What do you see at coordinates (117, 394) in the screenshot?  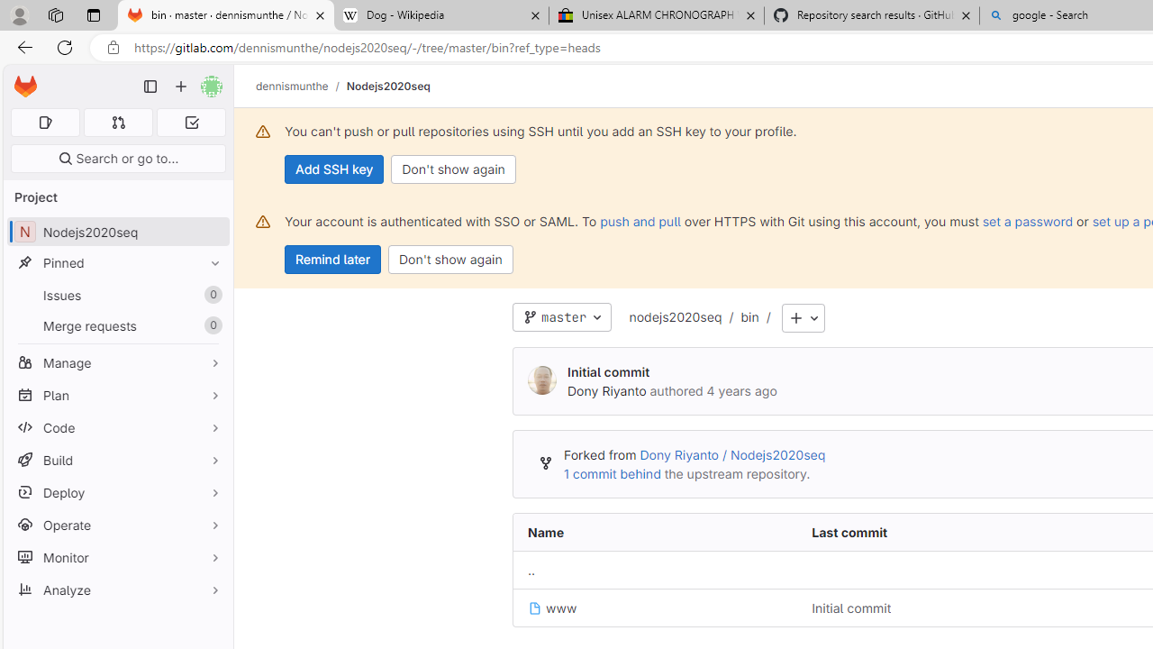 I see `'Plan'` at bounding box center [117, 394].